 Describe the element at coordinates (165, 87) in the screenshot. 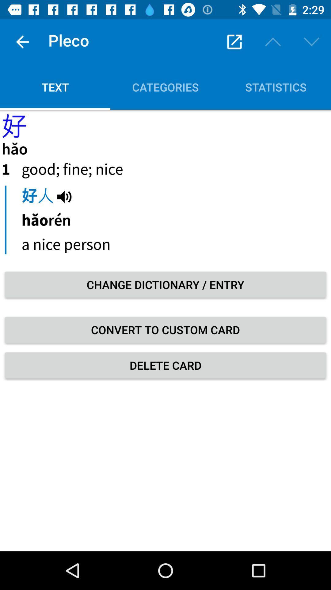

I see `icon to the right of text icon` at that location.